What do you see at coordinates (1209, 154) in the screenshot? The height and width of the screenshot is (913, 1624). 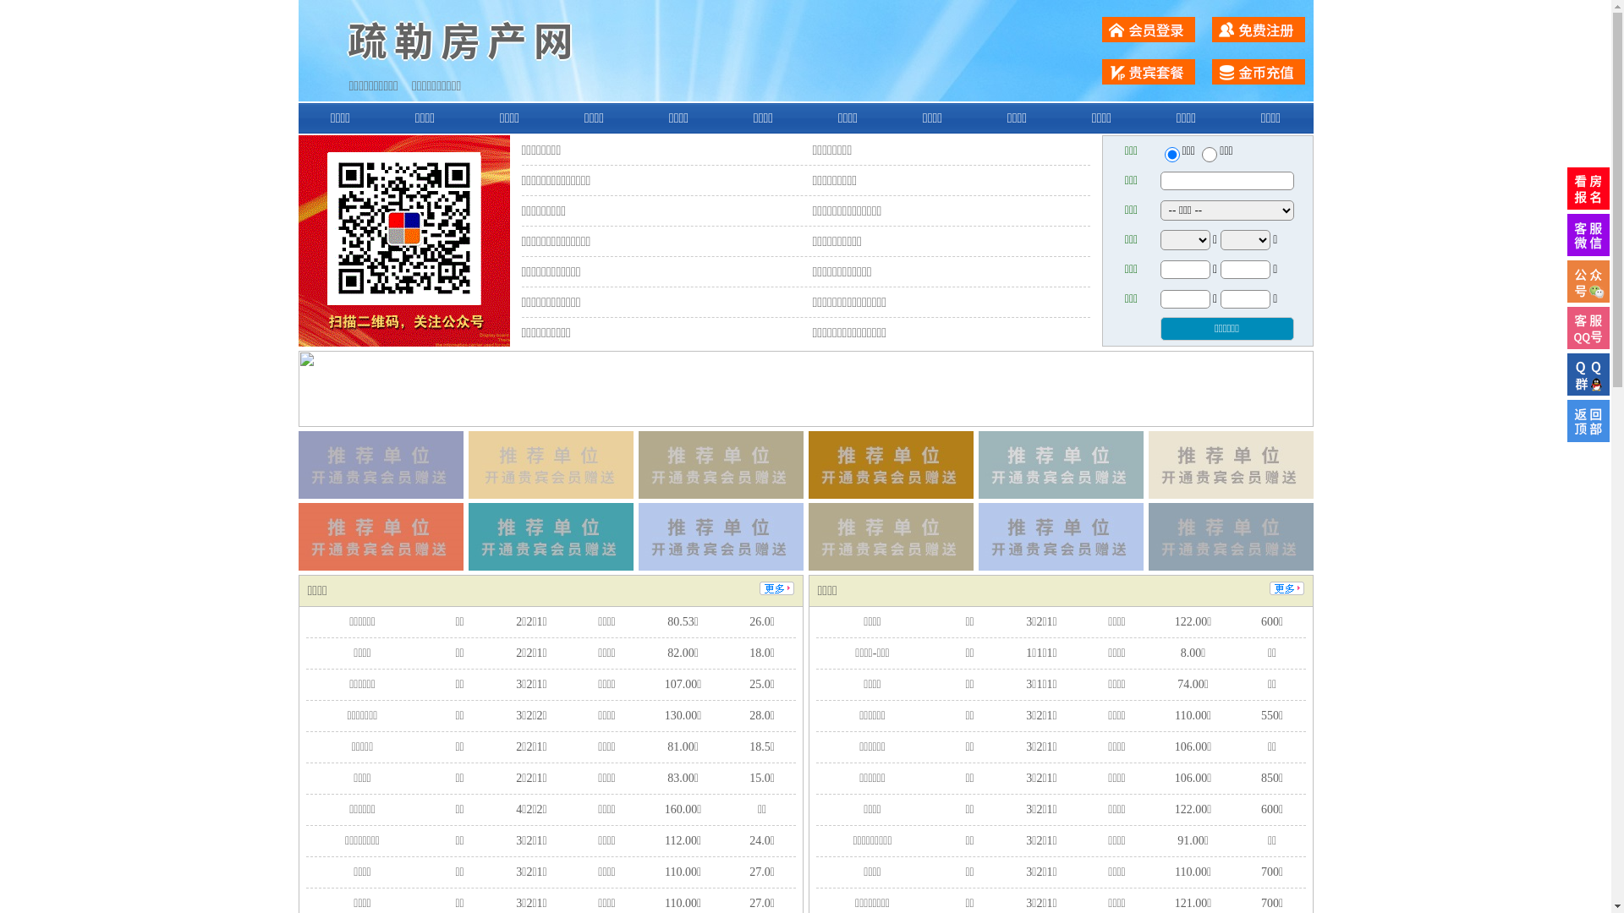 I see `'chuzu'` at bounding box center [1209, 154].